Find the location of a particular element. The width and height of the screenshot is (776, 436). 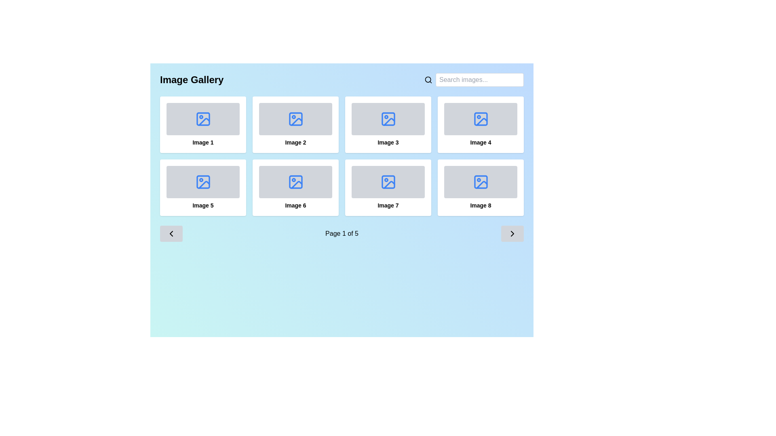

the navigation button located at the far right end of the navigation bar below the grid of images to advance to the next page of content is located at coordinates (512, 233).